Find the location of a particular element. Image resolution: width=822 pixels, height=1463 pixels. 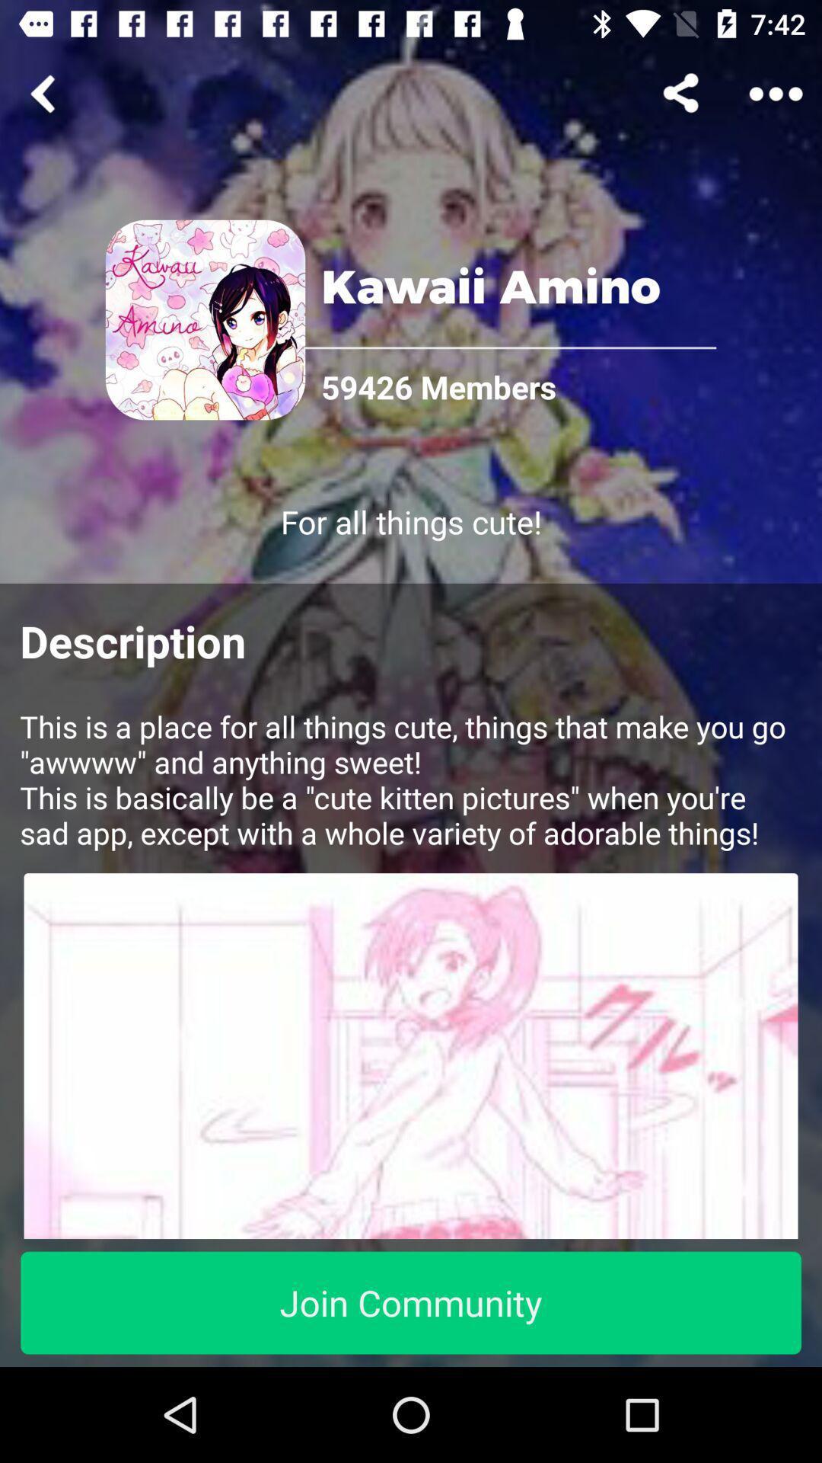

the arrow_backward icon is located at coordinates (45, 93).